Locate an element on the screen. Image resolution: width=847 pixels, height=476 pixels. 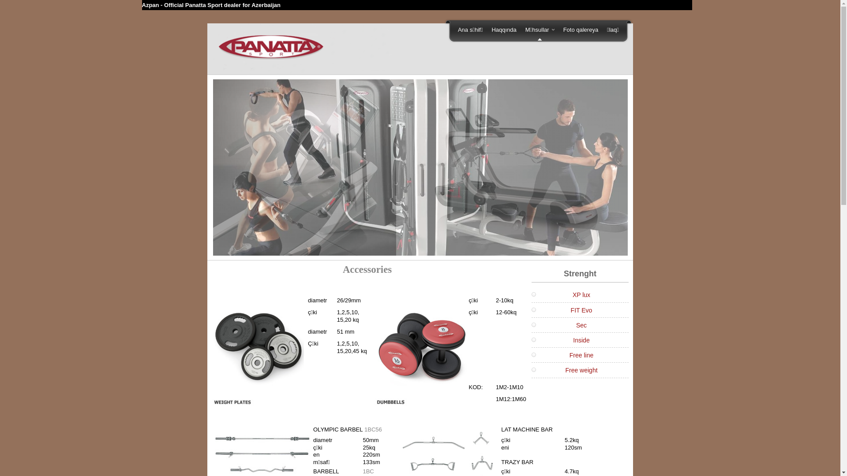
'Free line' is located at coordinates (570, 355).